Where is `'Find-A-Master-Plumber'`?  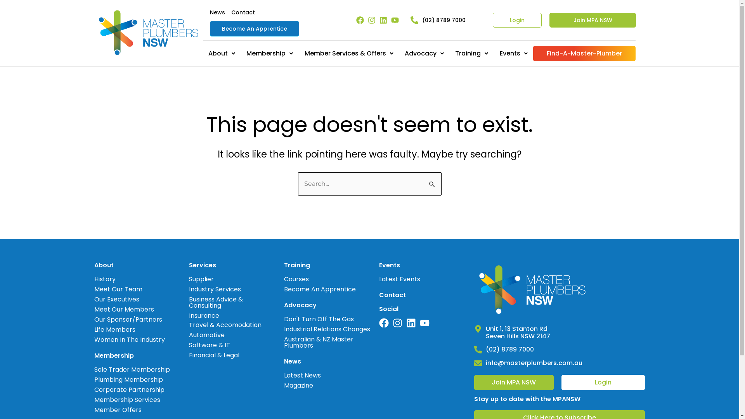 'Find-A-Master-Plumber' is located at coordinates (584, 53).